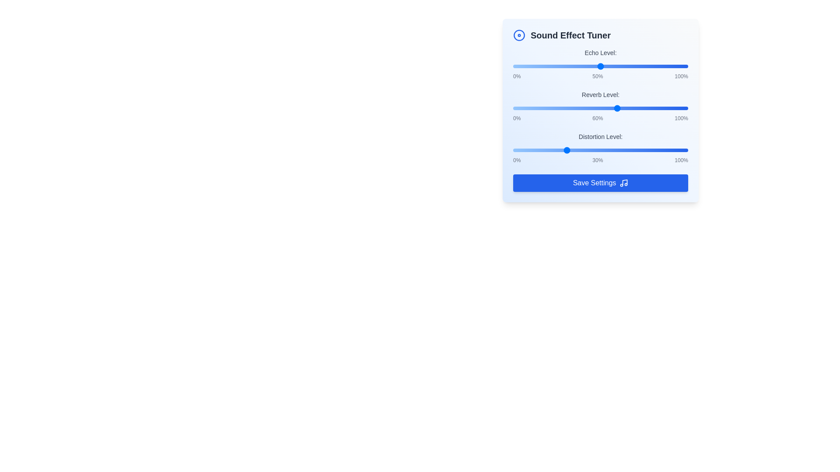 Image resolution: width=840 pixels, height=472 pixels. I want to click on the 'Echo Level' slider to 75%, so click(644, 66).